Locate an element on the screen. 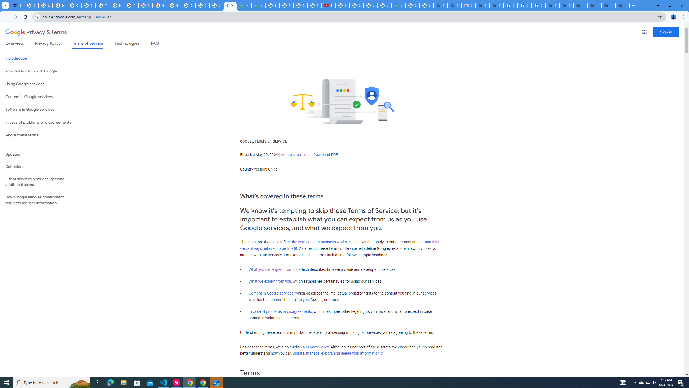 This screenshot has width=689, height=388. 'update, manage, export, and delete your information' is located at coordinates (338, 353).